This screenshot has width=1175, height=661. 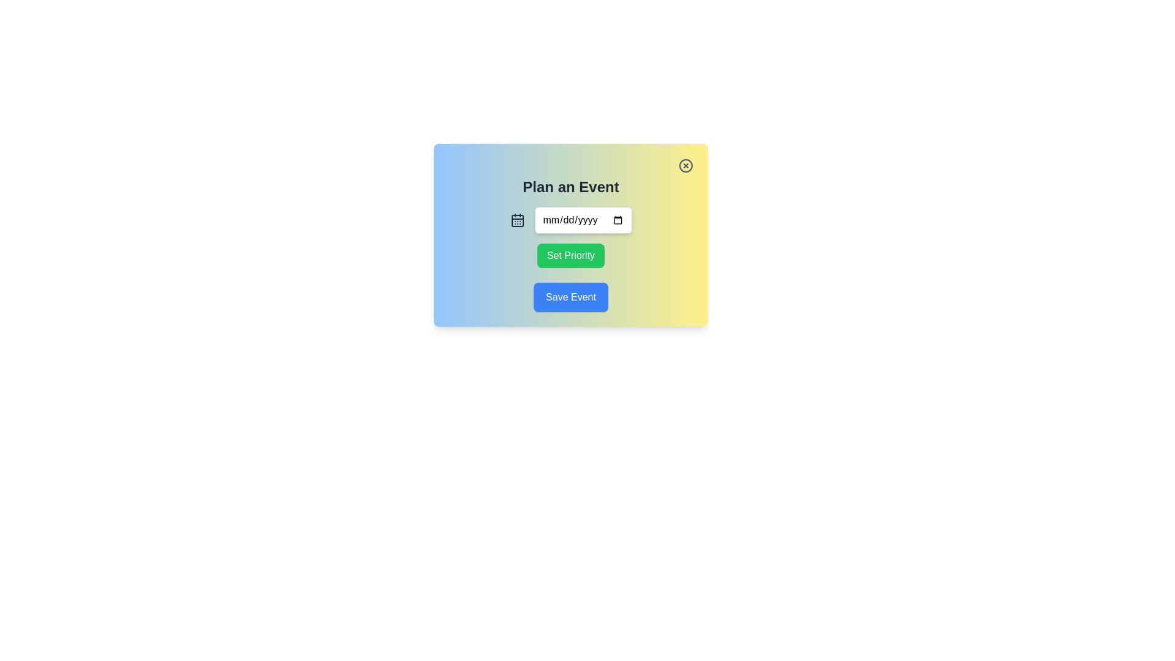 What do you see at coordinates (583, 219) in the screenshot?
I see `the Date Input Field located below the title 'Plan an Event'` at bounding box center [583, 219].